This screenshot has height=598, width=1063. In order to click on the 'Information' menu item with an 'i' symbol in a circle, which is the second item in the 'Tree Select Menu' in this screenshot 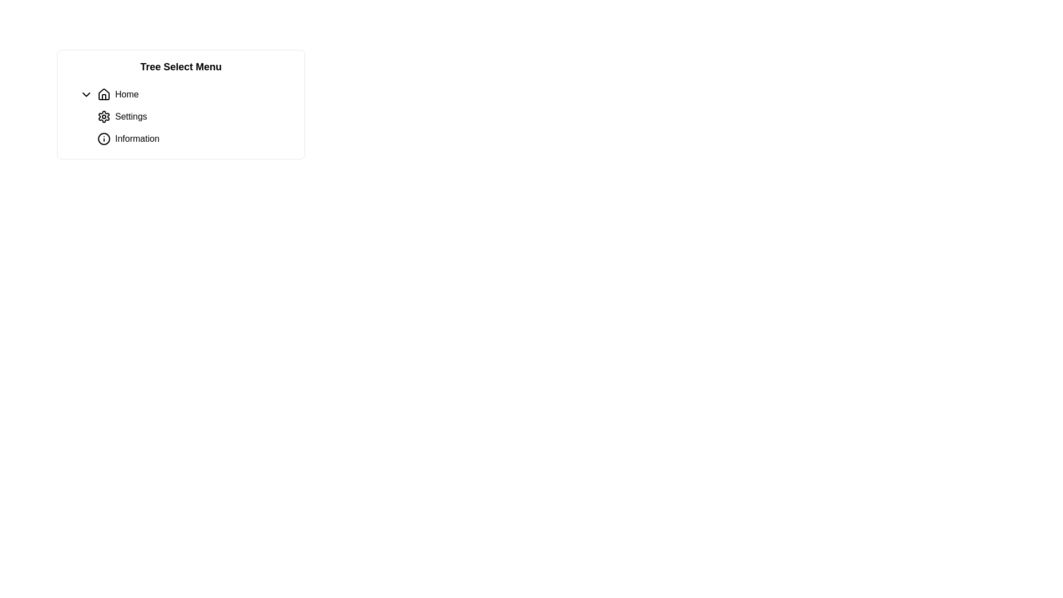, I will do `click(194, 138)`.